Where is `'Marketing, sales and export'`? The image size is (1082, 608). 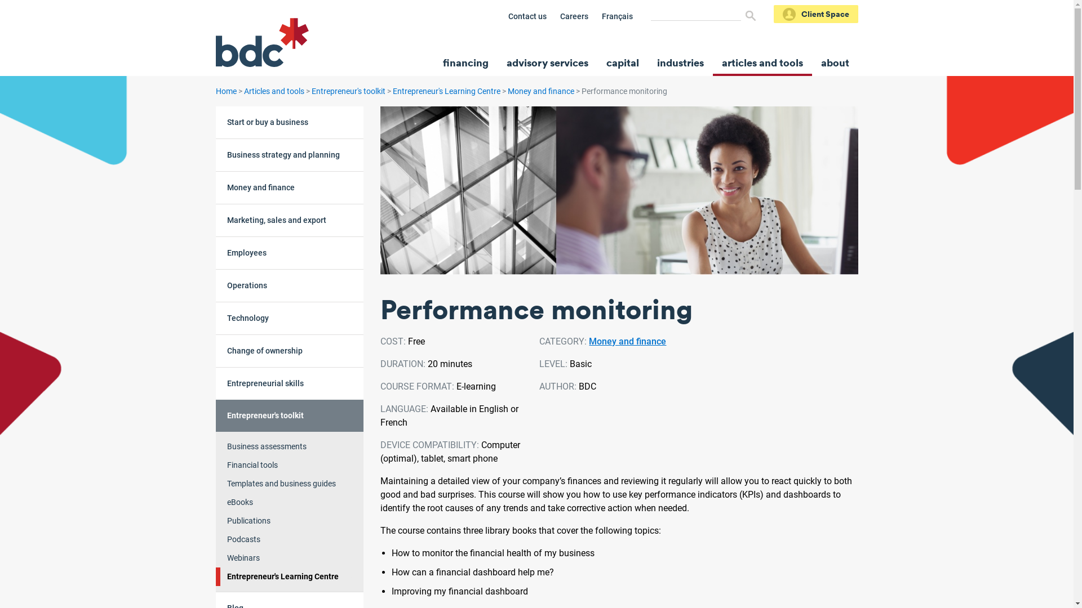
'Marketing, sales and export' is located at coordinates (289, 220).